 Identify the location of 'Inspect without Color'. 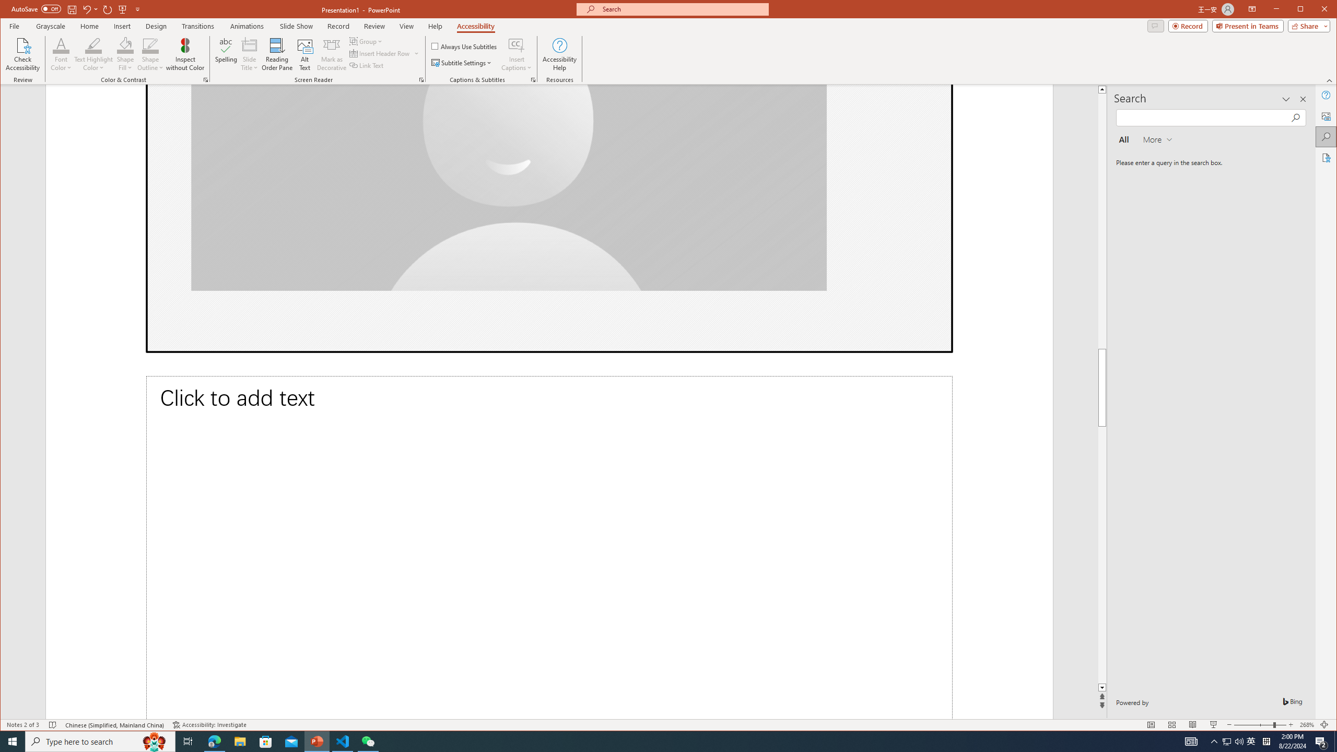
(185, 54).